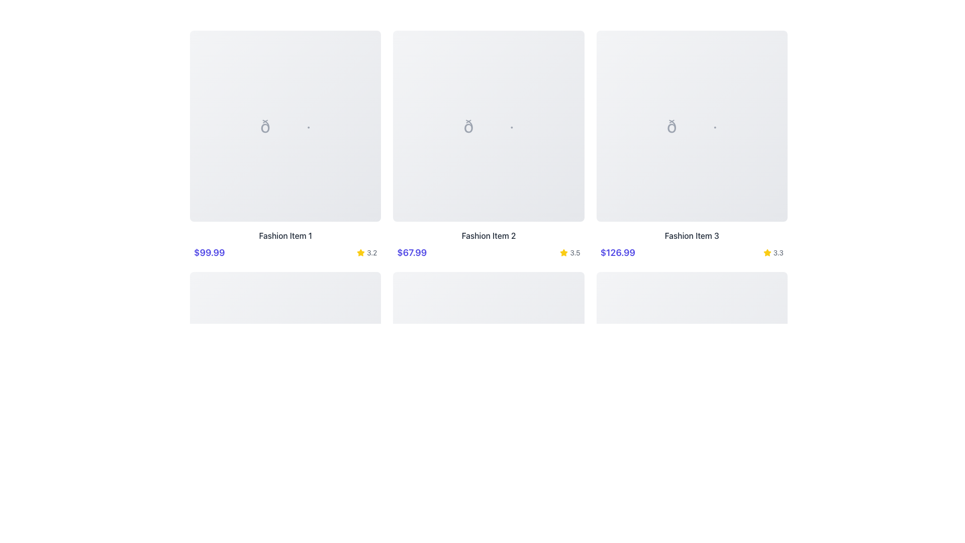  What do you see at coordinates (570, 252) in the screenshot?
I see `the numeric rating text '3.5' which is styled in a small gray font, located in the center of the second column, adjacent to a yellow star icon and aligned horizontally with the price '$67.99'` at bounding box center [570, 252].